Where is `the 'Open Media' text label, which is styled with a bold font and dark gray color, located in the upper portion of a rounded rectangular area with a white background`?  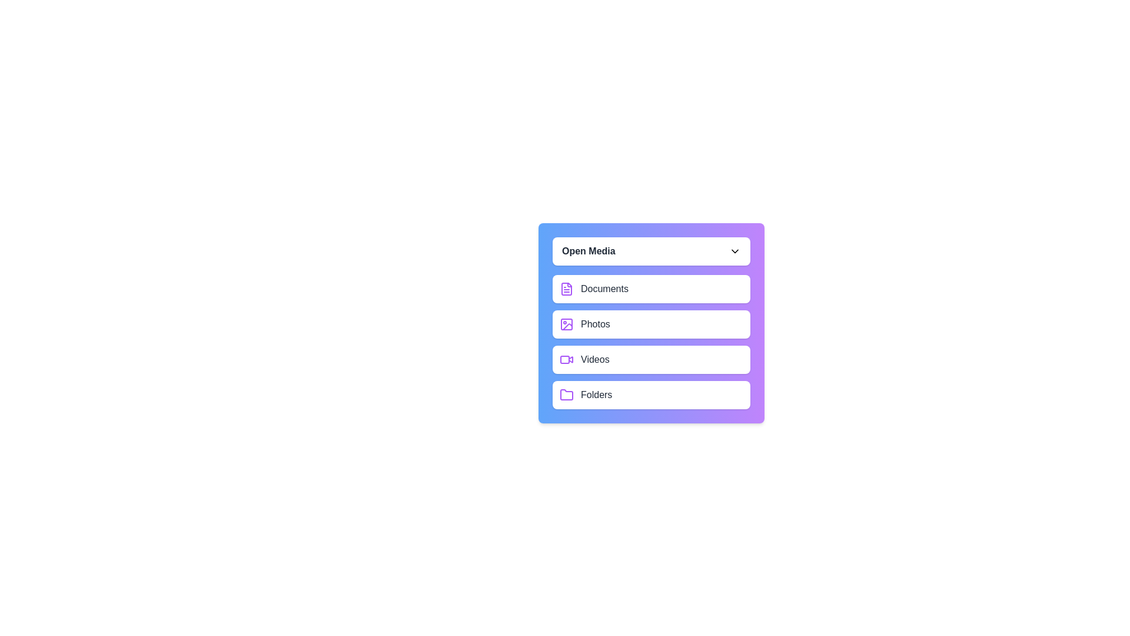
the 'Open Media' text label, which is styled with a bold font and dark gray color, located in the upper portion of a rounded rectangular area with a white background is located at coordinates (589, 251).